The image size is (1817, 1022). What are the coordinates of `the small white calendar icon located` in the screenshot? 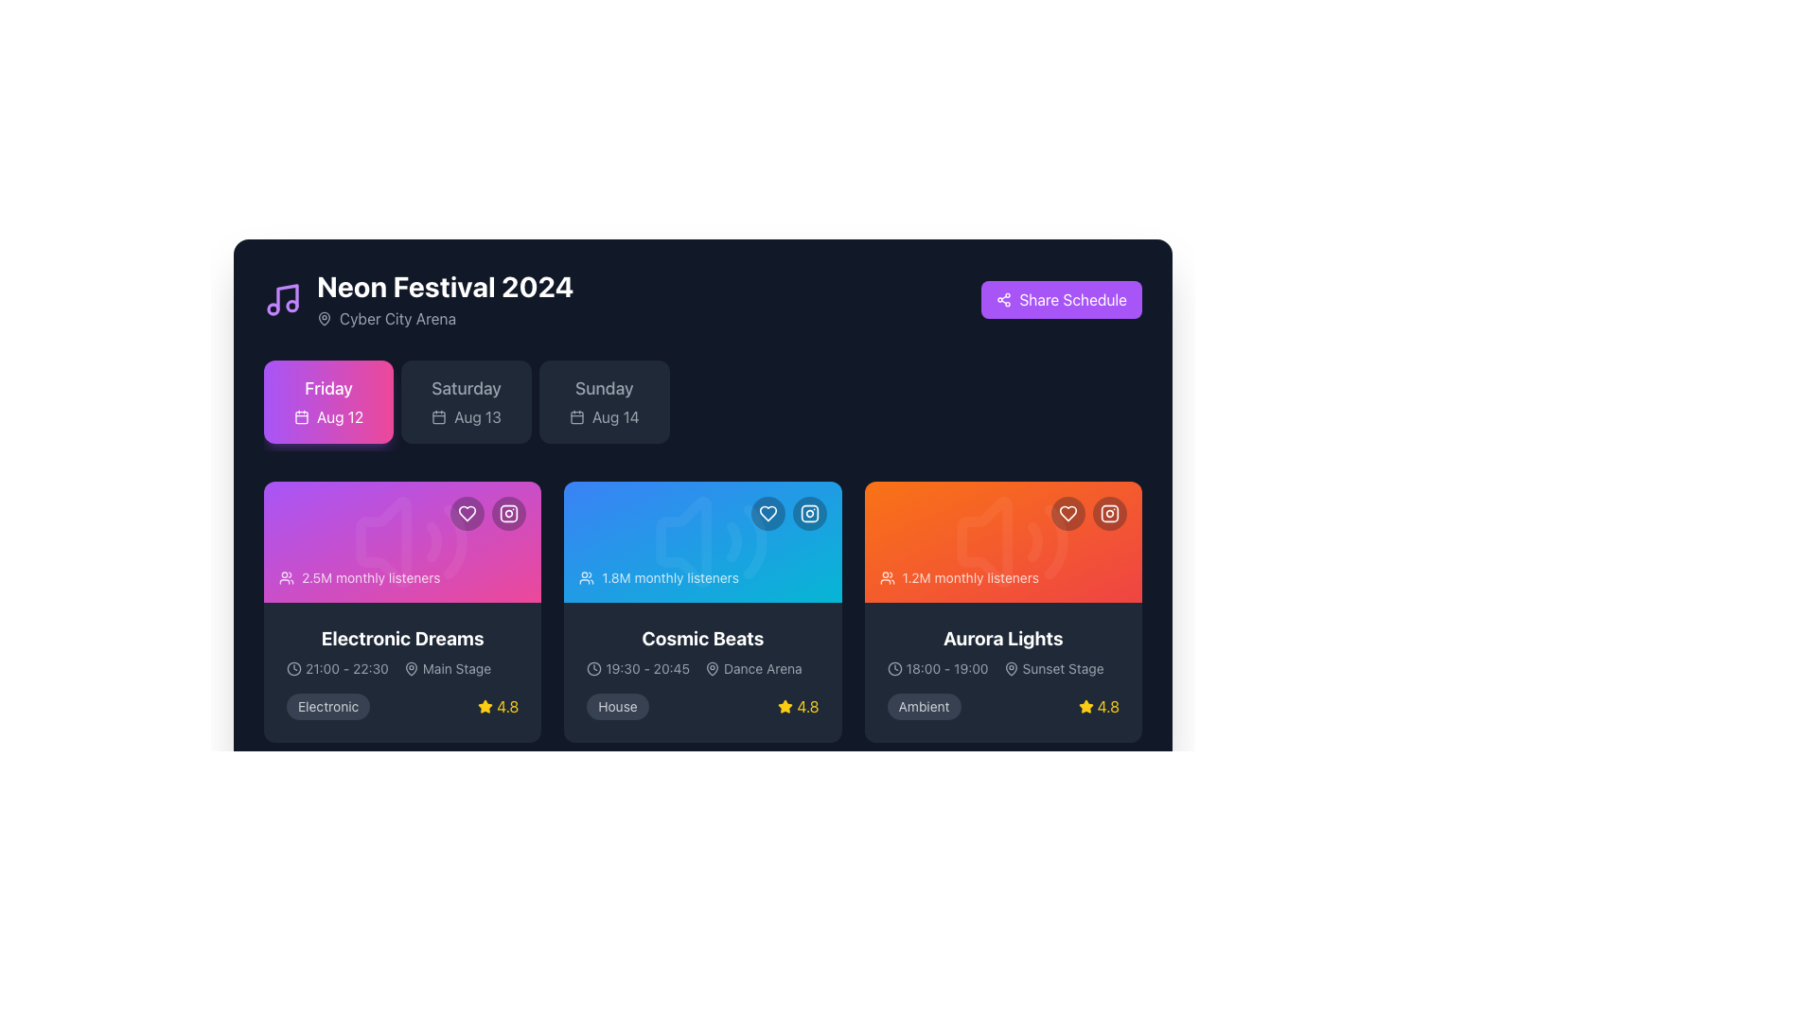 It's located at (300, 415).